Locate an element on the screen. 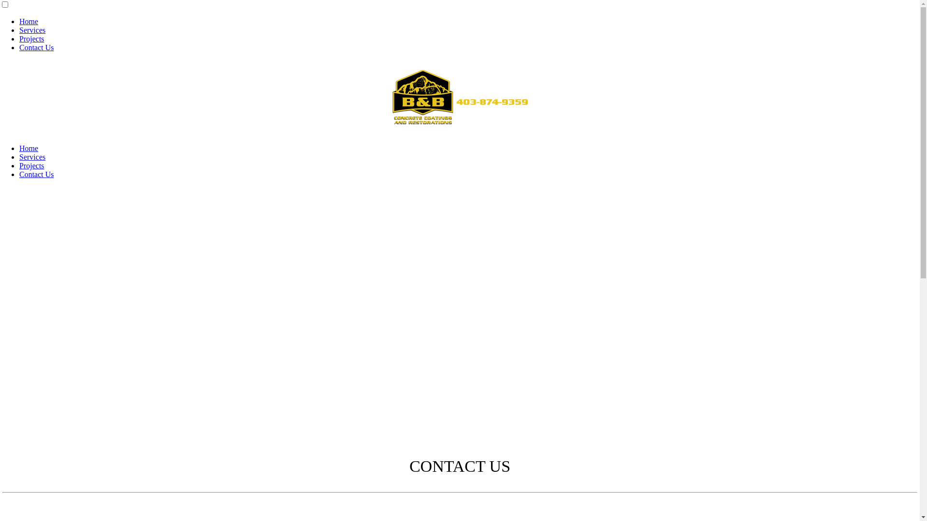  'Home' is located at coordinates (28, 148).